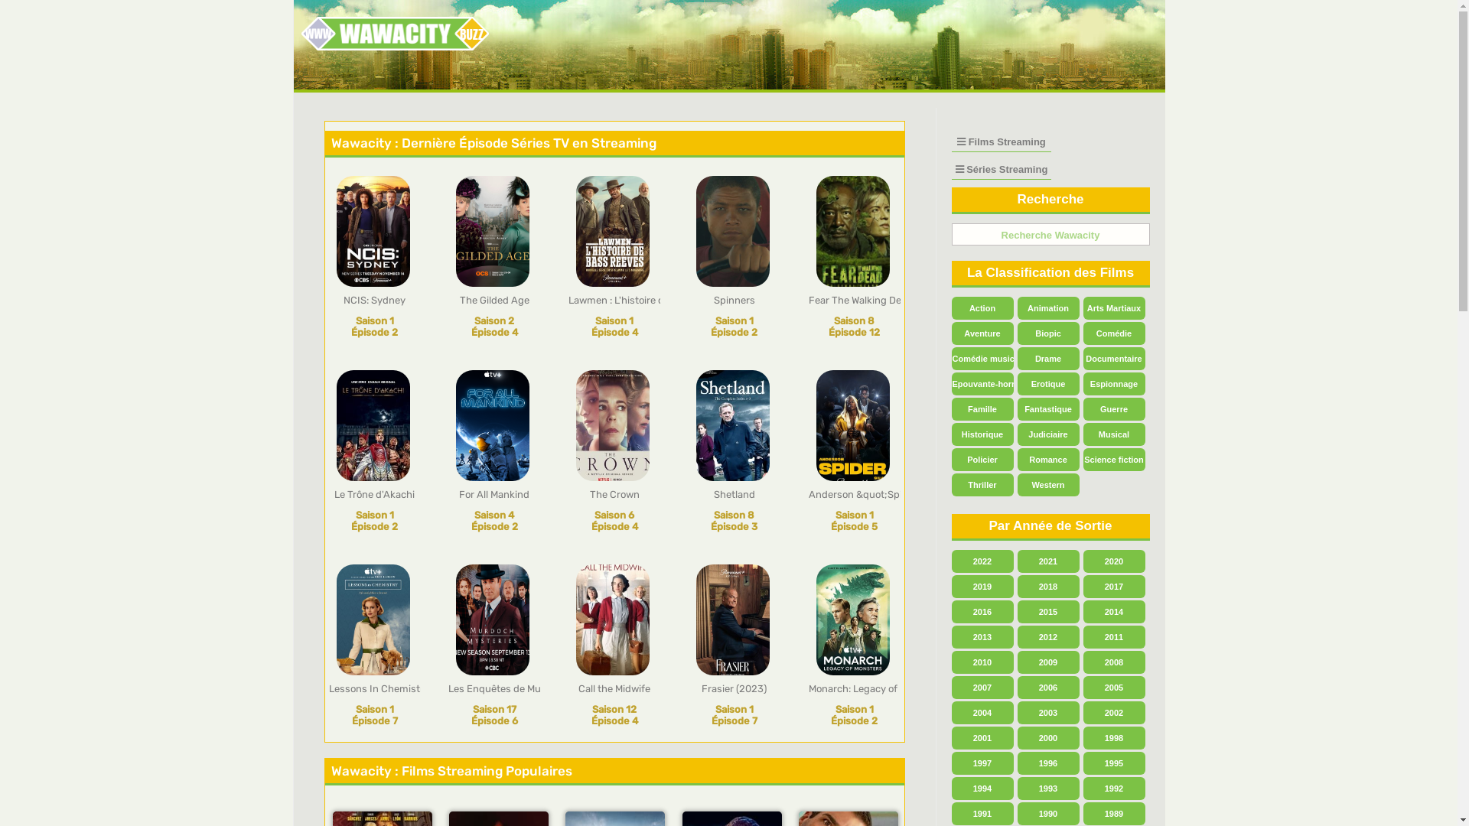 This screenshot has width=1469, height=826. What do you see at coordinates (1047, 561) in the screenshot?
I see `'2021'` at bounding box center [1047, 561].